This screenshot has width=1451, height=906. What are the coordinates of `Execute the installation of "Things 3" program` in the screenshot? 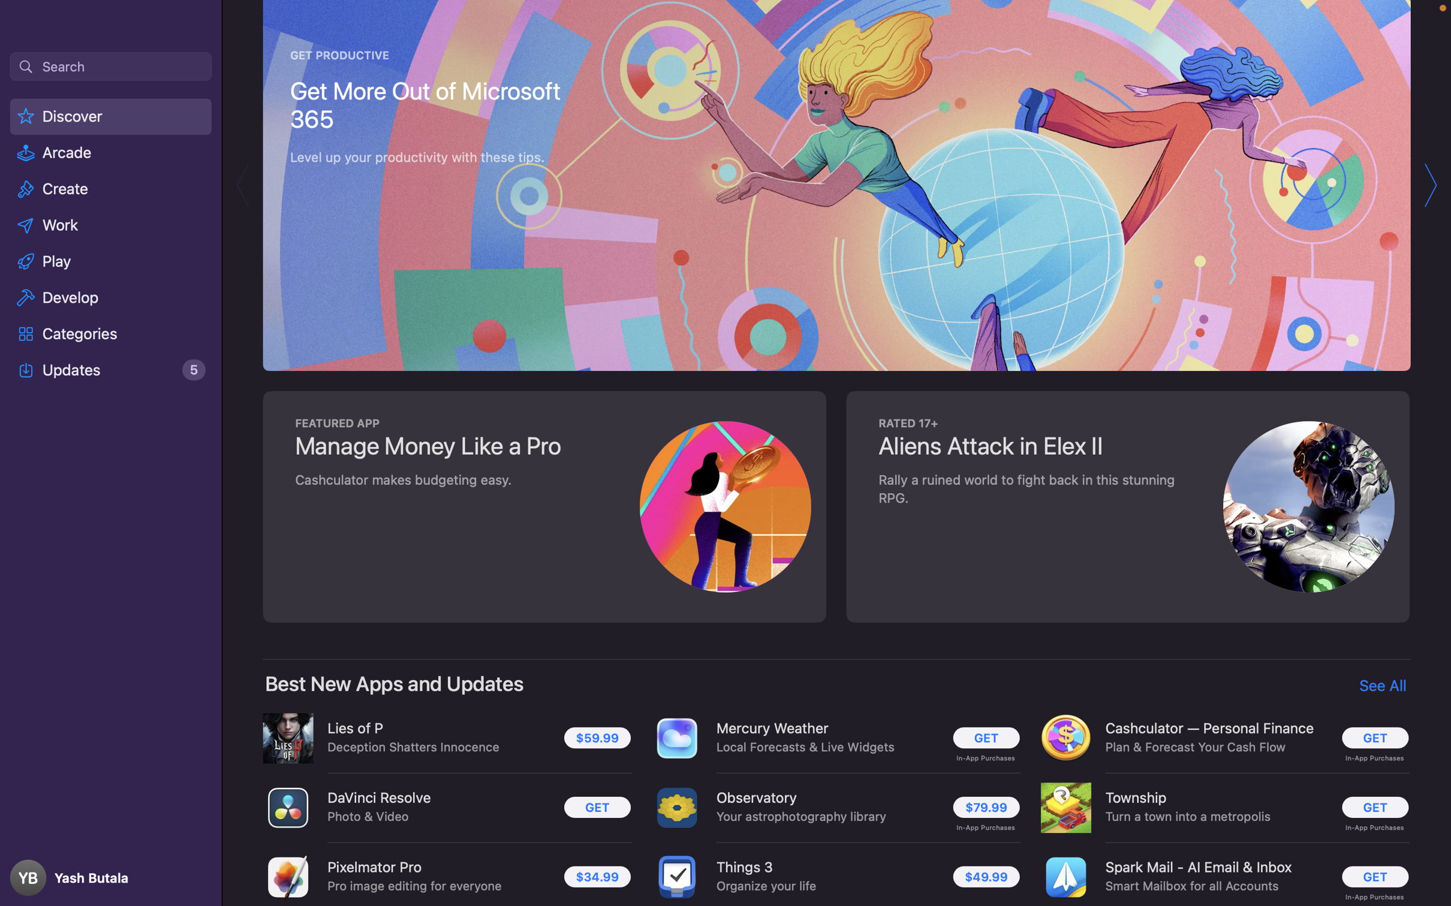 It's located at (987, 875).